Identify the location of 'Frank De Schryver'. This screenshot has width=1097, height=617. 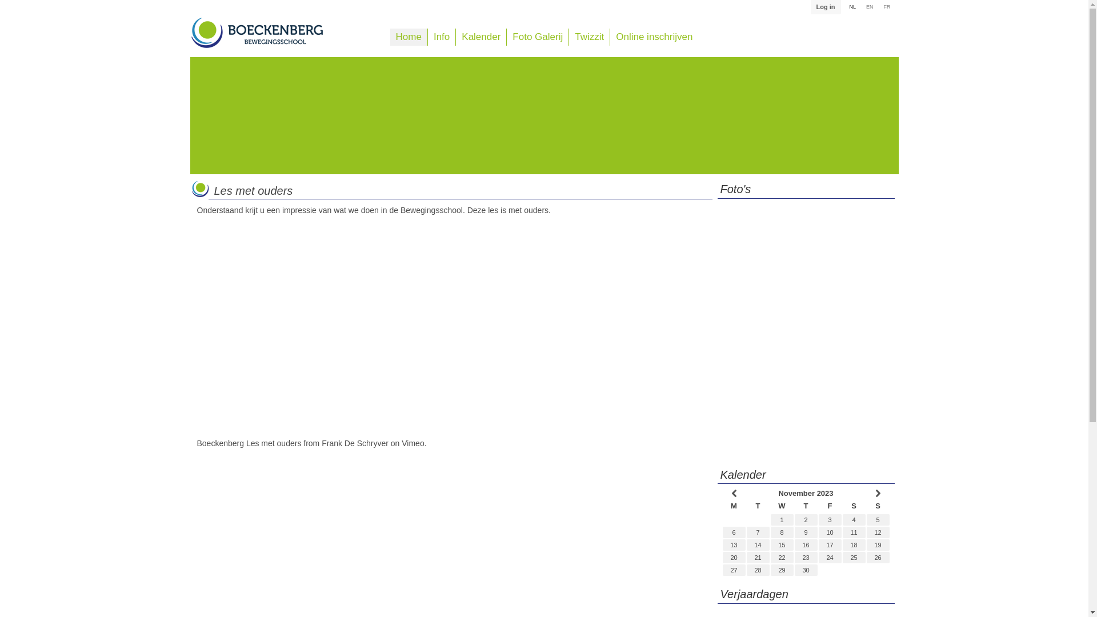
(354, 442).